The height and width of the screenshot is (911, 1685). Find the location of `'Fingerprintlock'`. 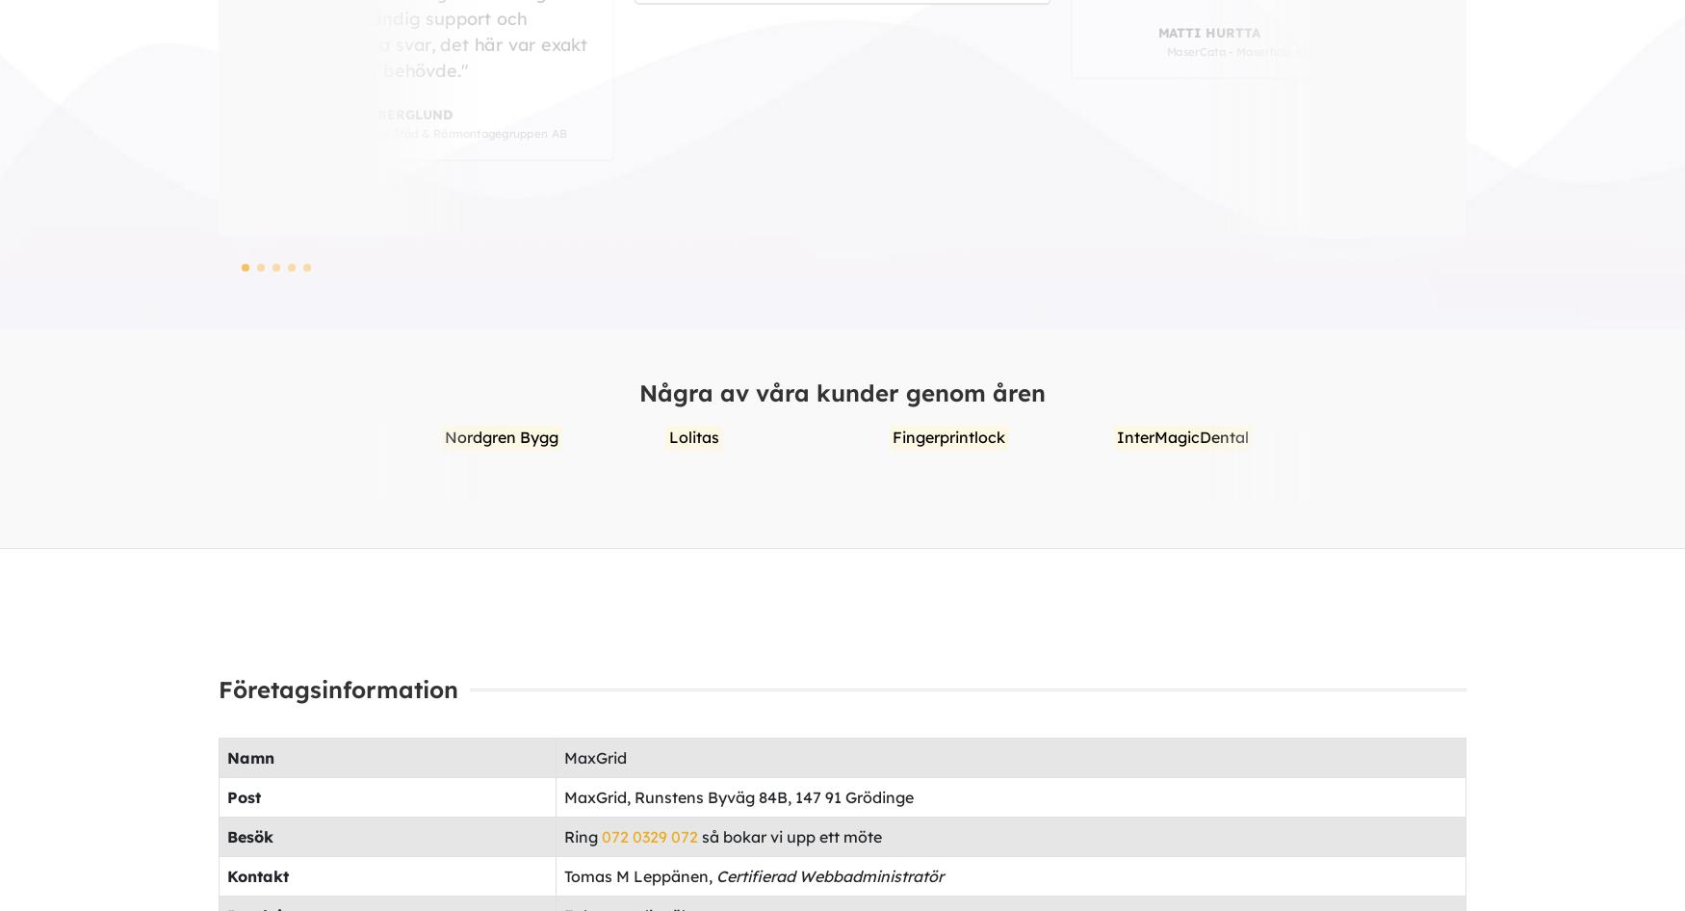

'Fingerprintlock' is located at coordinates (553, 435).